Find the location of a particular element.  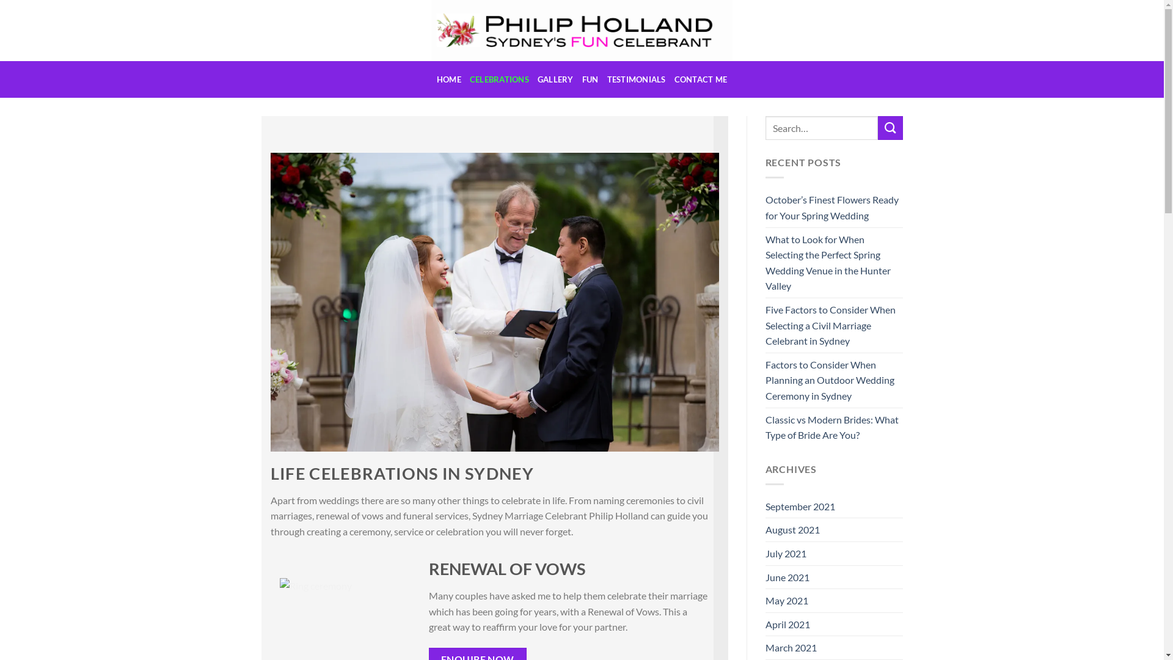

'Classic vs Modern Brides: What Type of Bride Are You?' is located at coordinates (833, 427).